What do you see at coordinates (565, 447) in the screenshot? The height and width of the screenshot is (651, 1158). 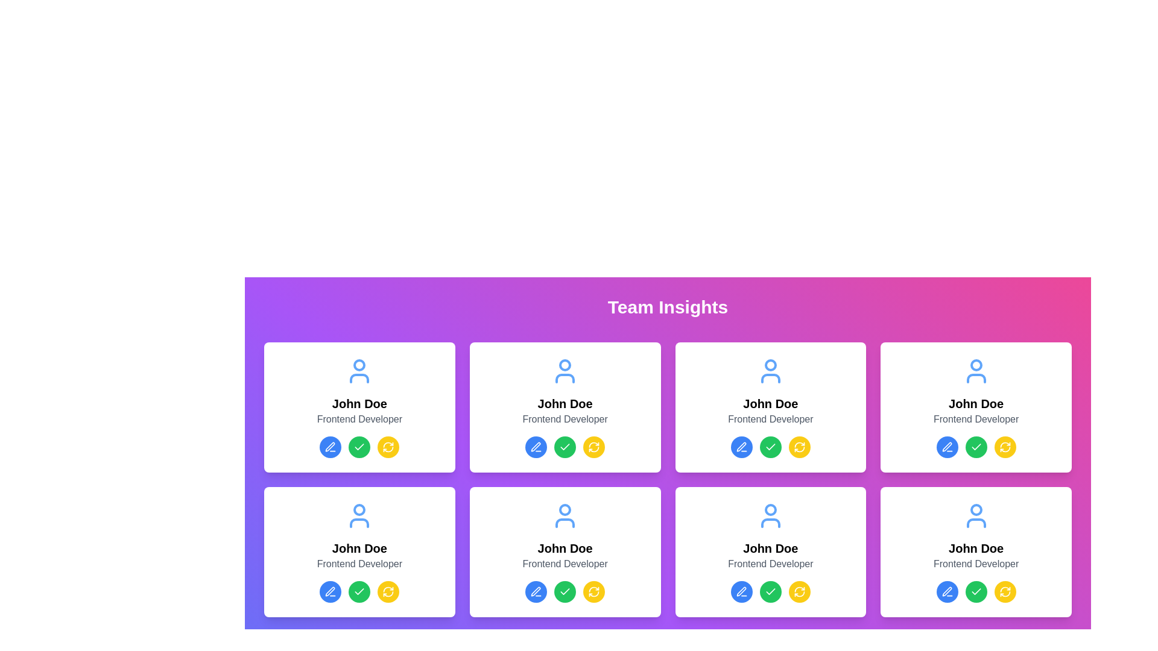 I see `the checkmark icon with a green background located in the first row, second column of action icons under 'John Doe's profile card labeled 'Frontend Developer'` at bounding box center [565, 447].